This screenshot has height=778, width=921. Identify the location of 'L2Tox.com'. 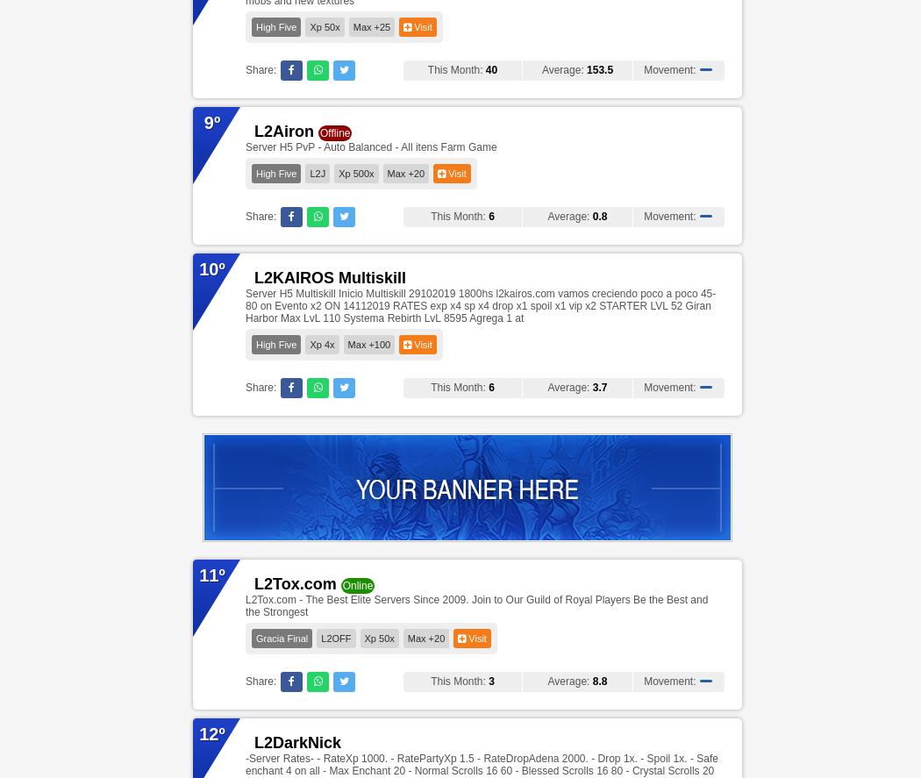
(253, 582).